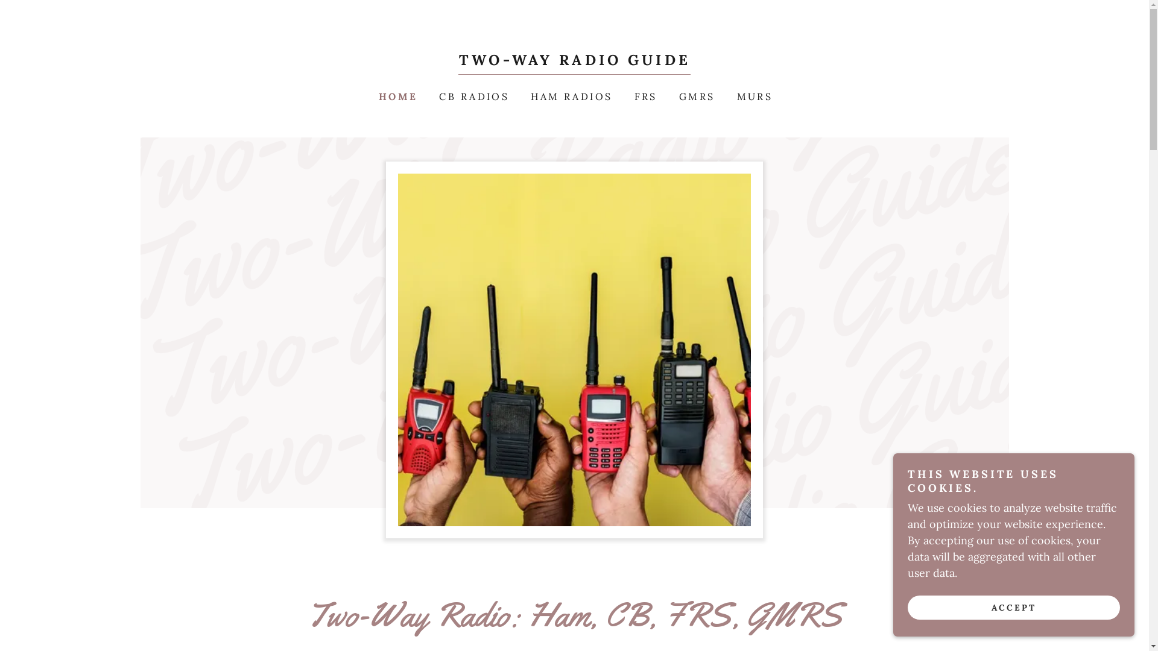 This screenshot has width=1158, height=651. Describe the element at coordinates (644, 95) in the screenshot. I see `'FRS'` at that location.